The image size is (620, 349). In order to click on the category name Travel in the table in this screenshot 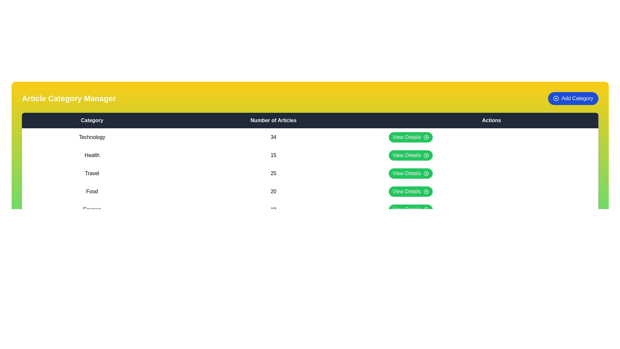, I will do `click(92, 173)`.